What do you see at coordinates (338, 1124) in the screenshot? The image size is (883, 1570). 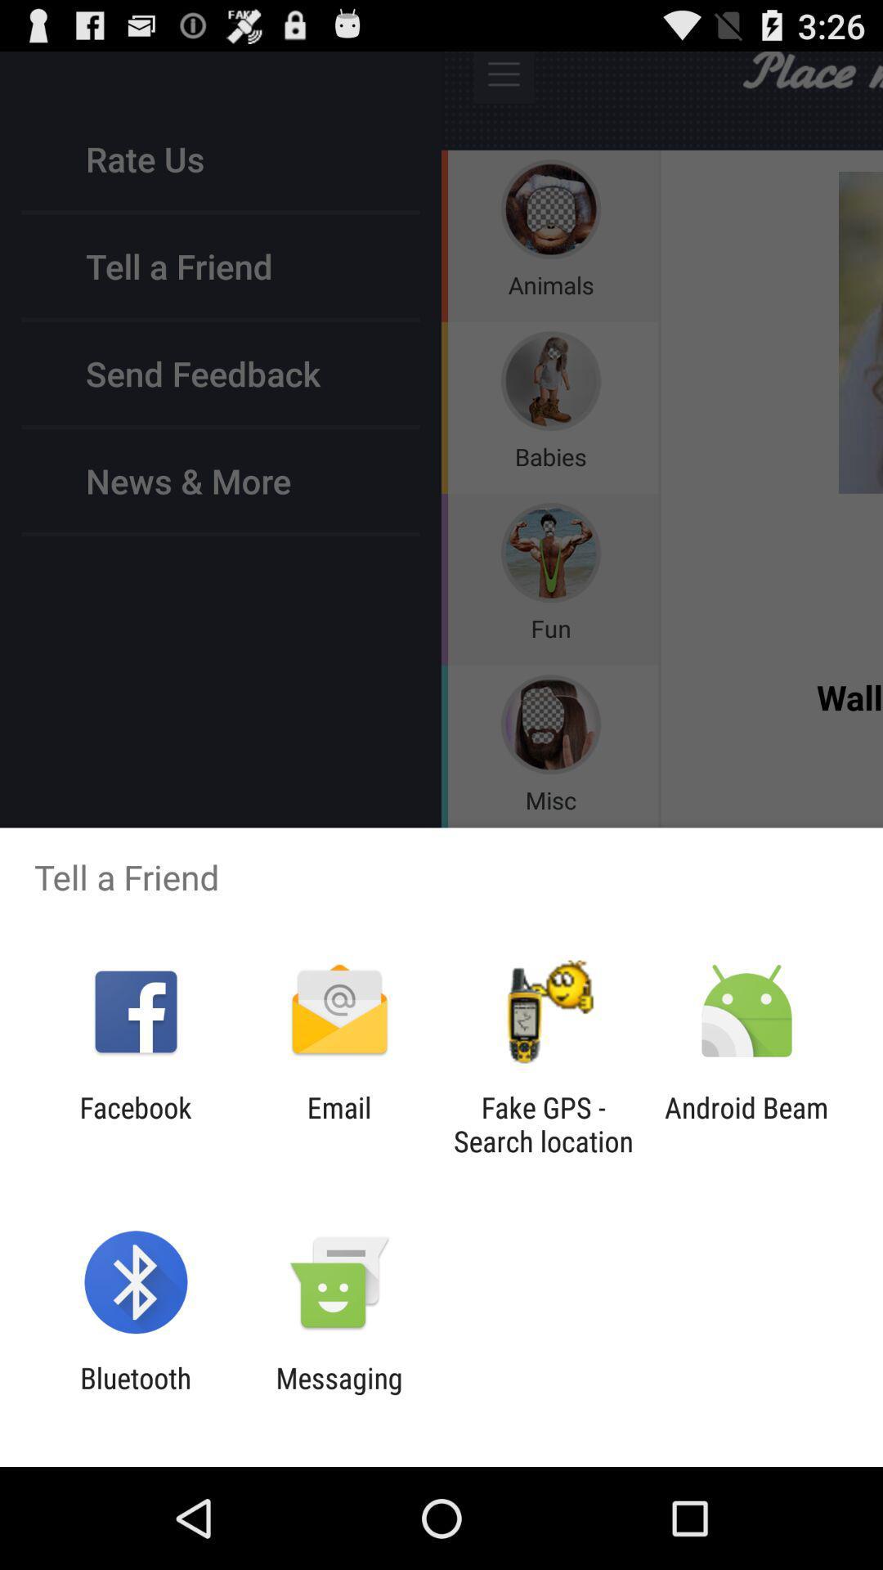 I see `the email icon` at bounding box center [338, 1124].